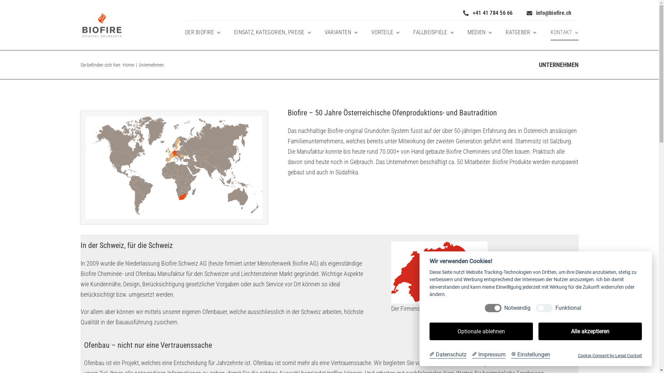 This screenshot has height=373, width=664. What do you see at coordinates (385, 32) in the screenshot?
I see `'VORTEILE'` at bounding box center [385, 32].